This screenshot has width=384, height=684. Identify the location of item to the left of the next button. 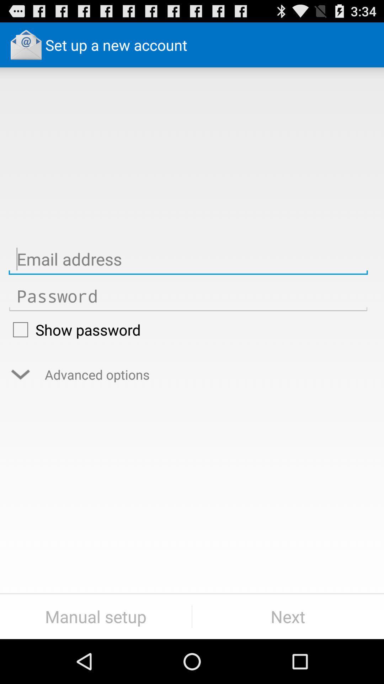
(95, 616).